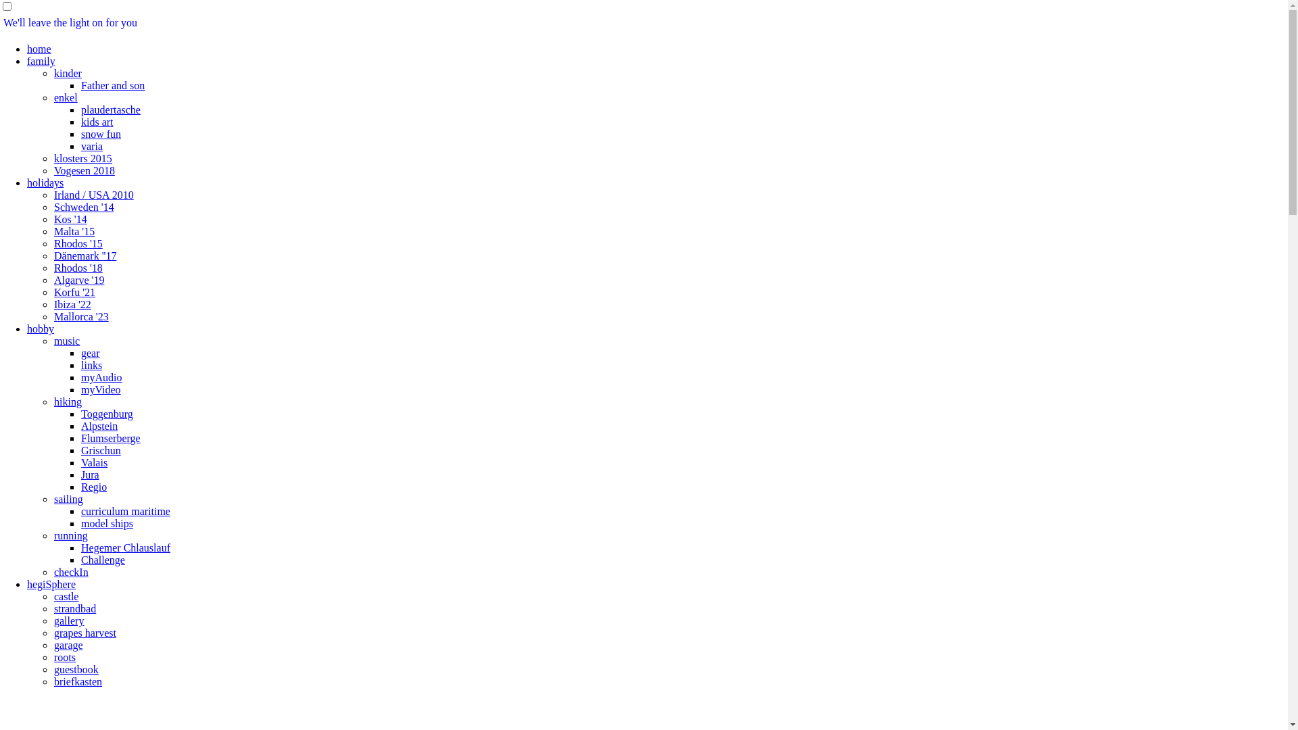  What do you see at coordinates (110, 438) in the screenshot?
I see `'Flumserberge'` at bounding box center [110, 438].